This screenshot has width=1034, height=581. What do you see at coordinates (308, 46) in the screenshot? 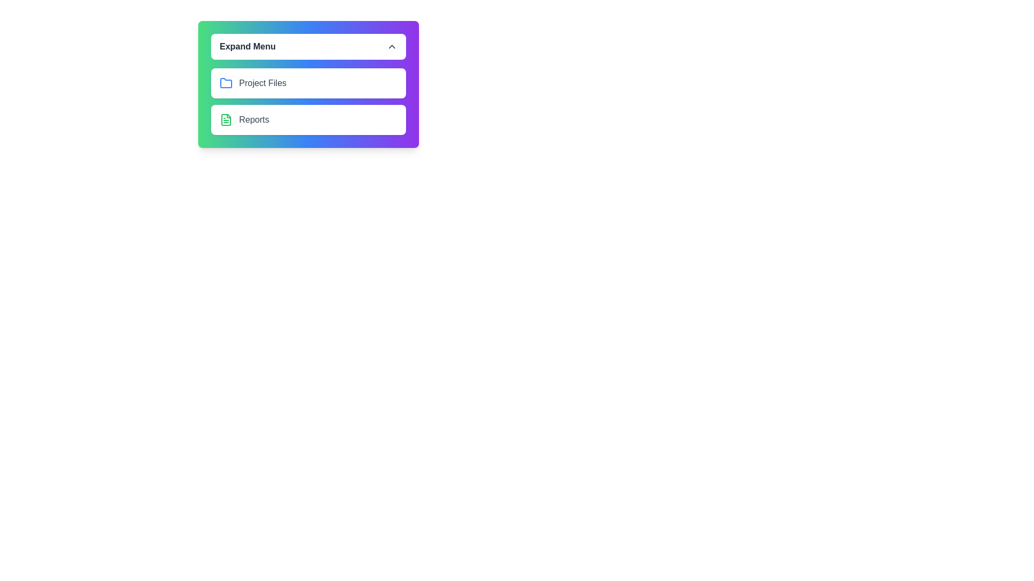
I see `the 'Expand Menu' button` at bounding box center [308, 46].